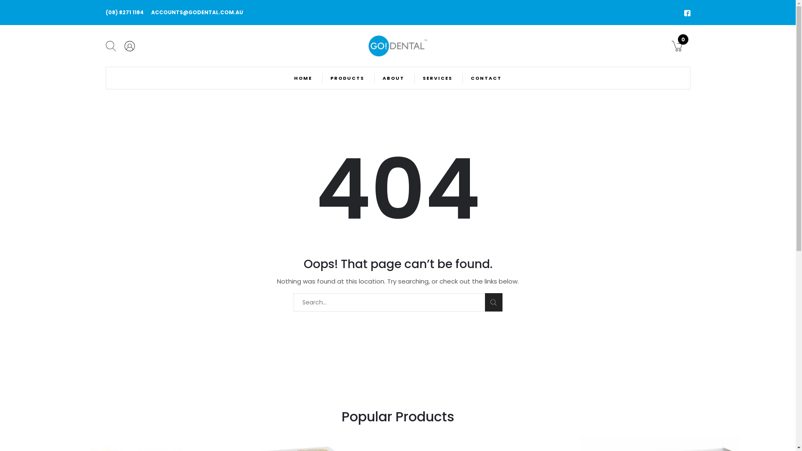 This screenshot has width=802, height=451. What do you see at coordinates (302, 78) in the screenshot?
I see `'HOME'` at bounding box center [302, 78].